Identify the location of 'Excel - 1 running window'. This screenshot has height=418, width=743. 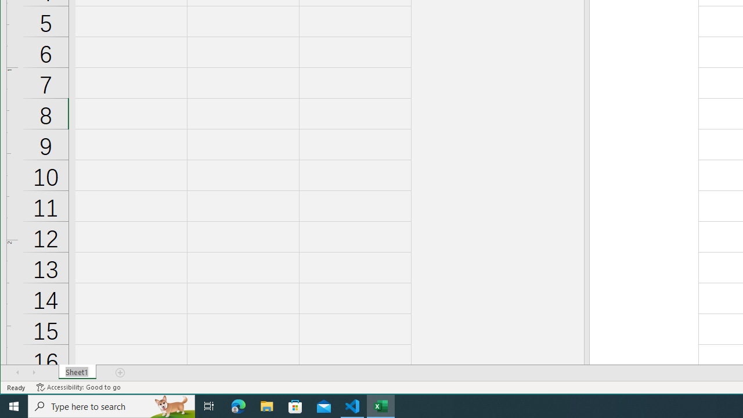
(381, 405).